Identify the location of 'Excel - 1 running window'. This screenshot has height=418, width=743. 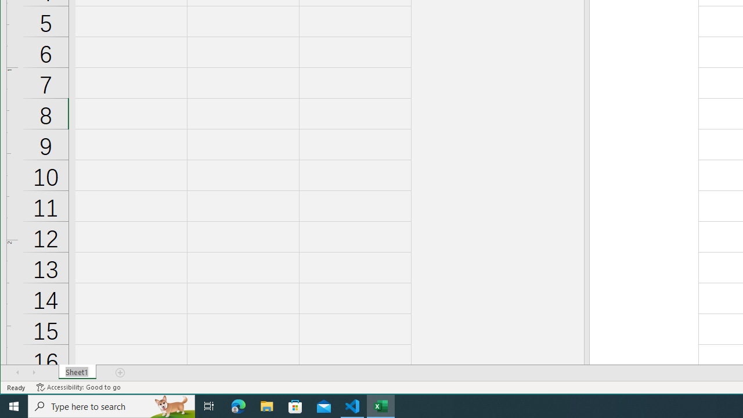
(381, 405).